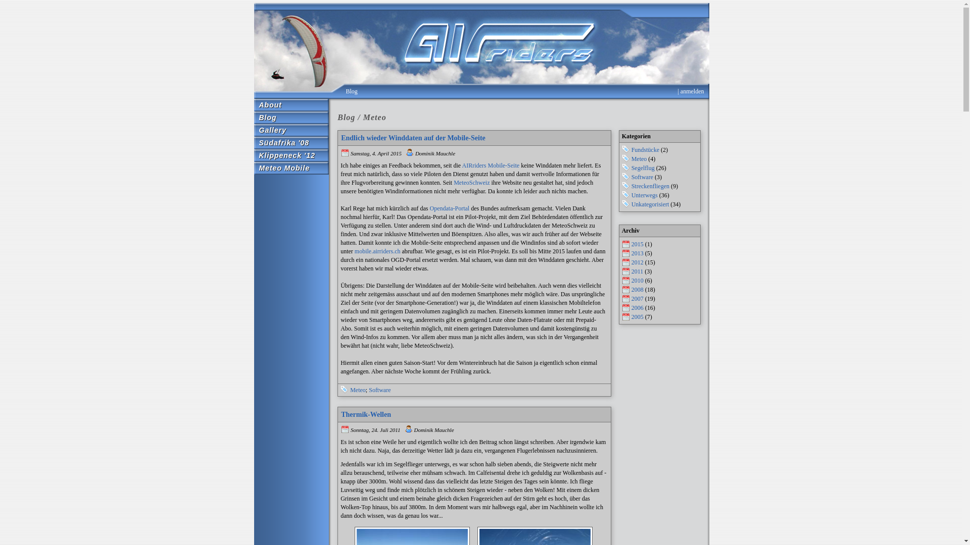  What do you see at coordinates (637, 290) in the screenshot?
I see `'2008'` at bounding box center [637, 290].